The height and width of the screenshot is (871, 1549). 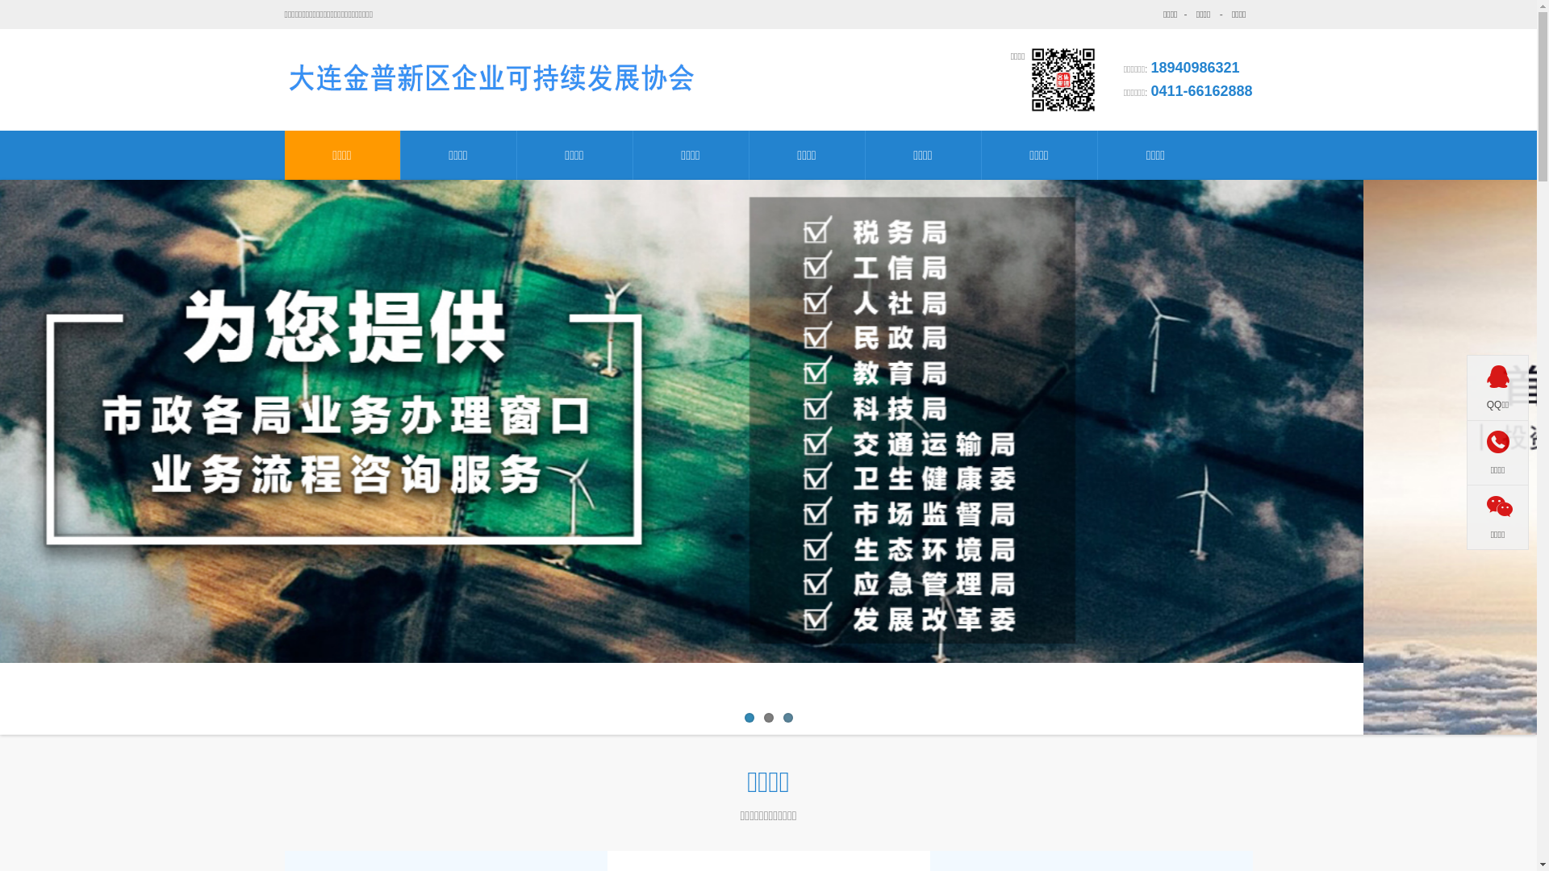 What do you see at coordinates (742, 717) in the screenshot?
I see `'1'` at bounding box center [742, 717].